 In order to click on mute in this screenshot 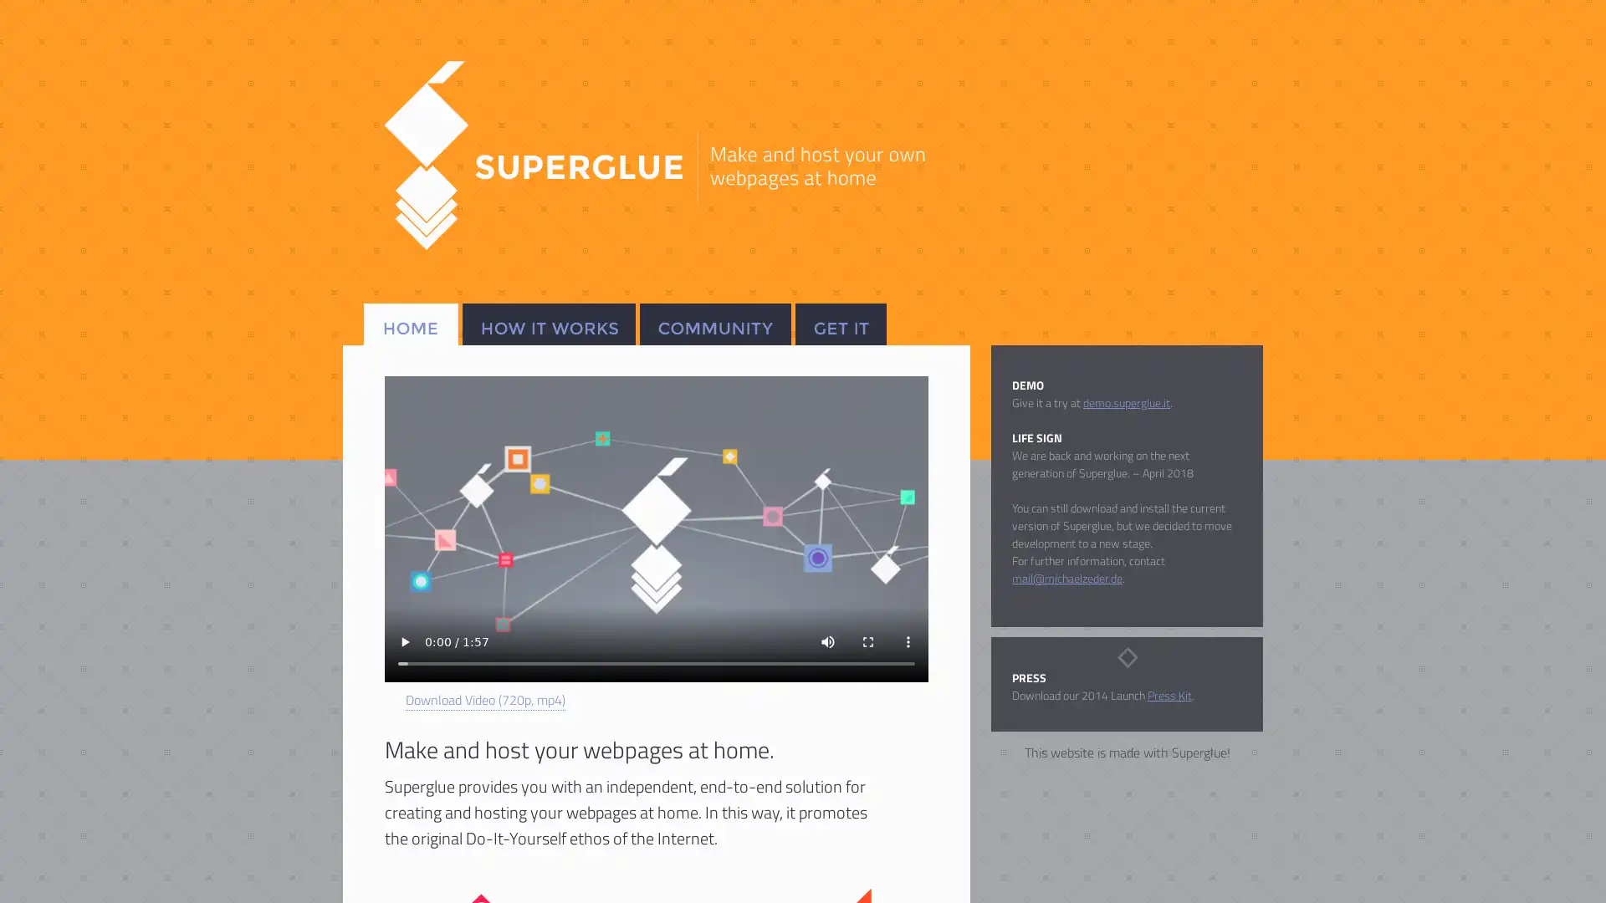, I will do `click(827, 640)`.